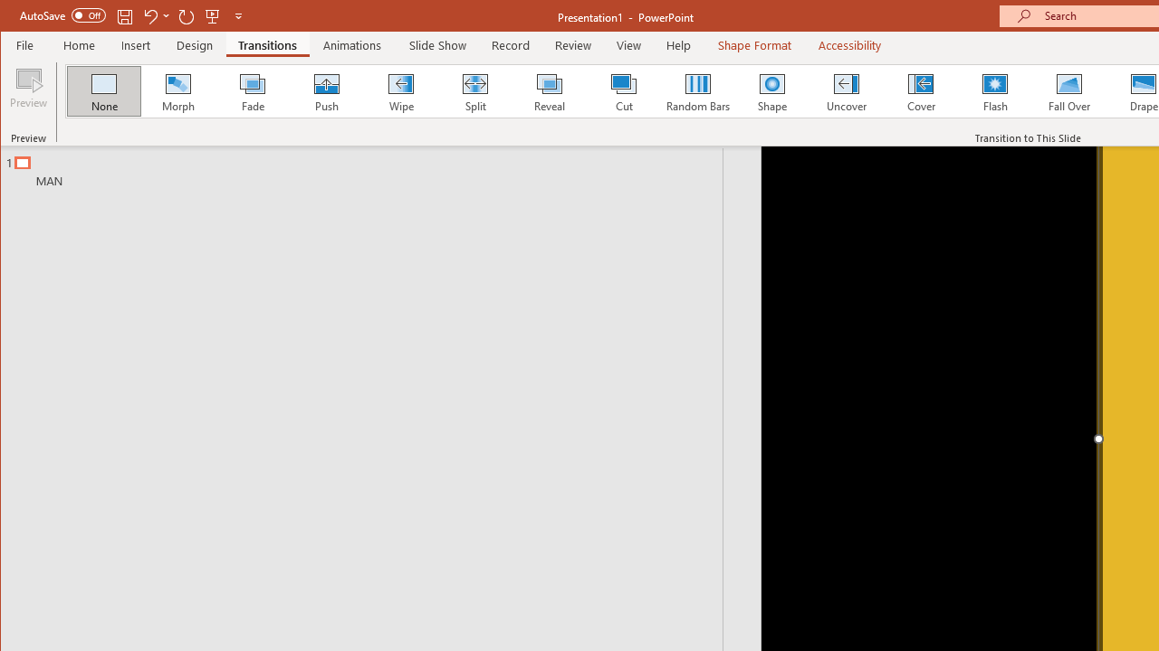 The image size is (1159, 651). Describe the element at coordinates (474, 90) in the screenshot. I see `'Split'` at that location.